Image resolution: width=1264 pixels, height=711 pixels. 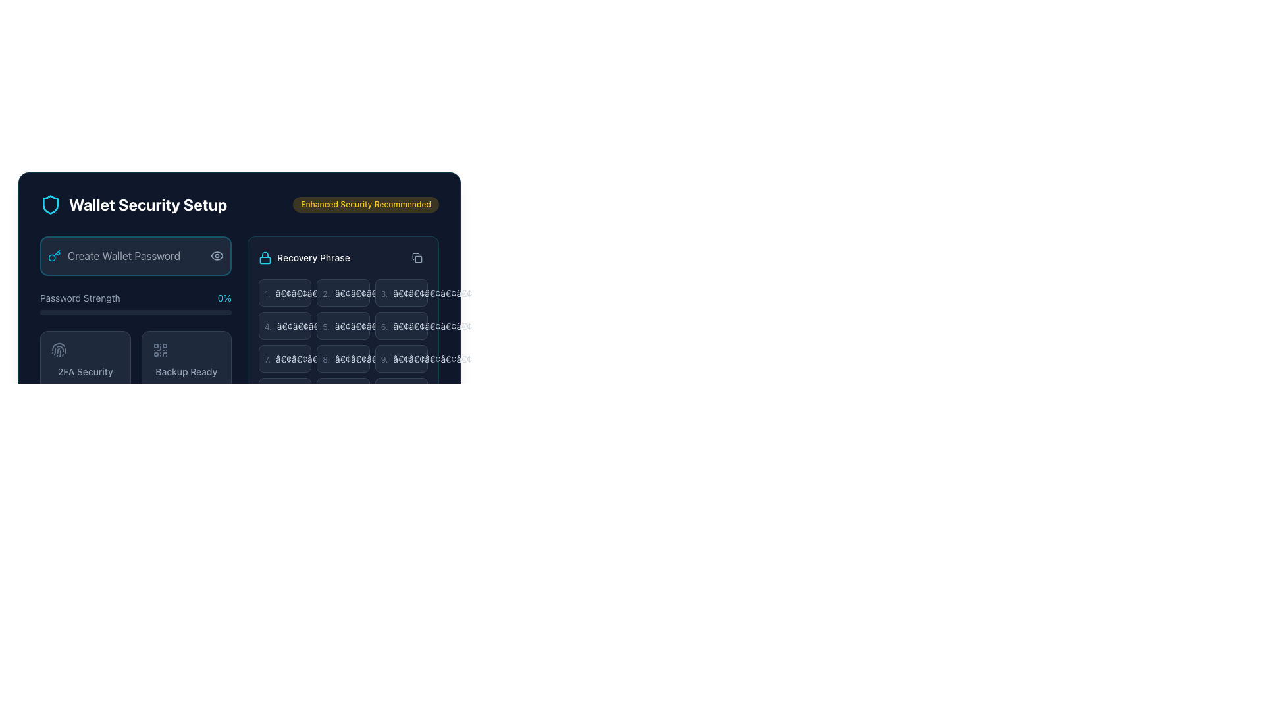 I want to click on the Password strength indicator, which displays 'Password Strength' and a '0%' percentage with an empty progress bar, located within the 'Wallet Security Setup' layout beneath the 'Create Wallet Password' section, so click(x=136, y=303).